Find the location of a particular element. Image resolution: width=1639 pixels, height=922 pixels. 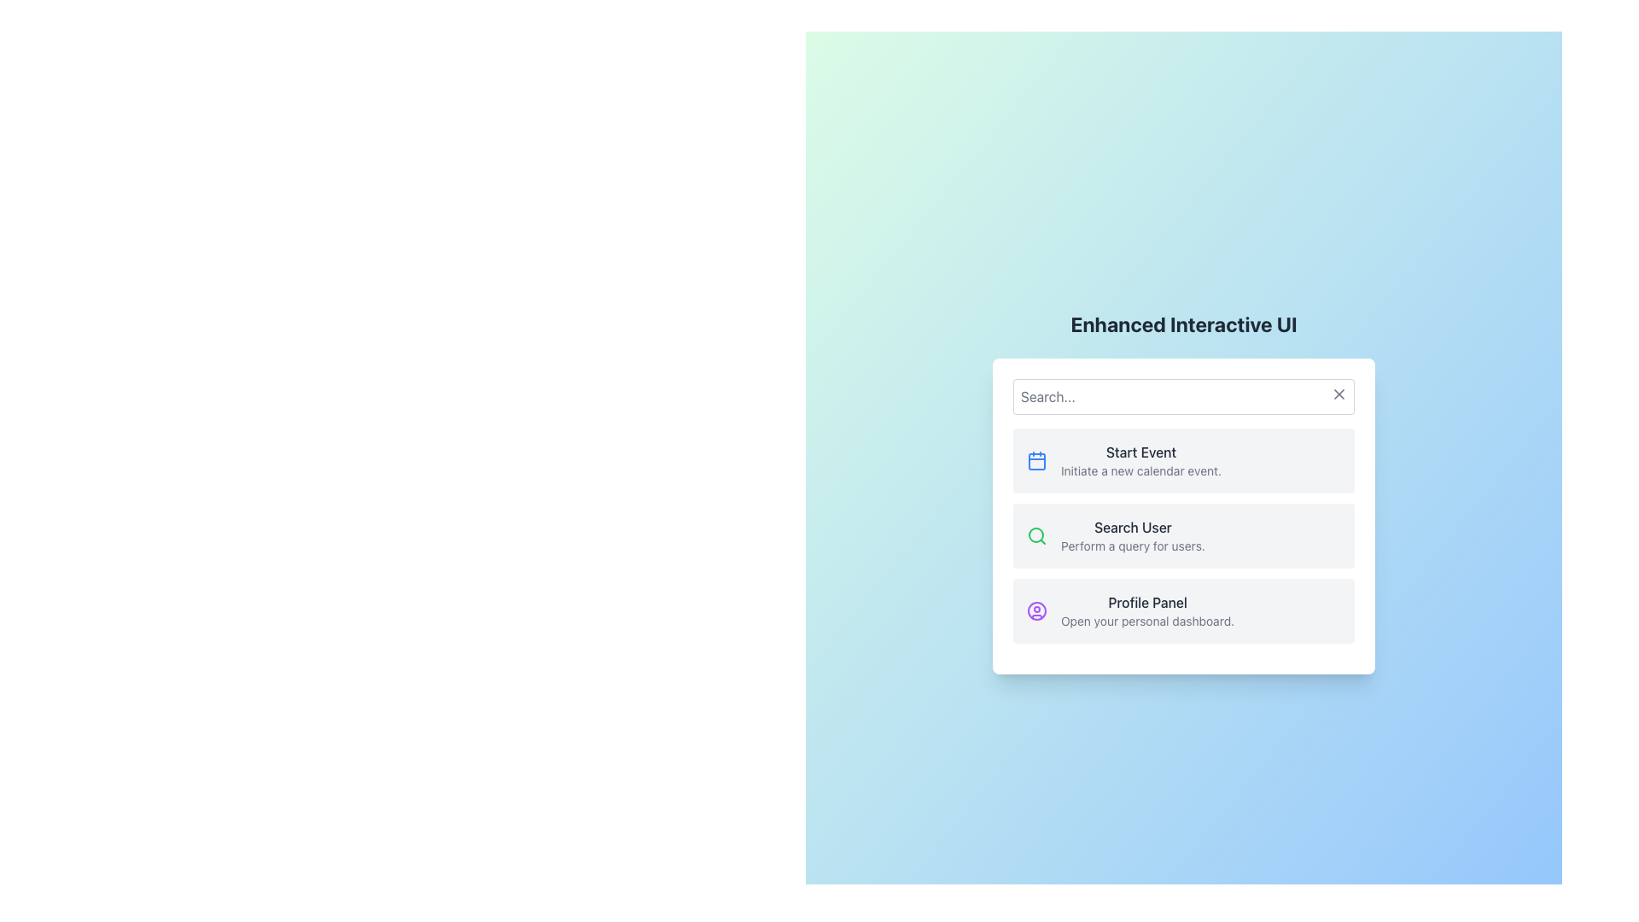

the text label that reads 'Perform a query for users.' which is styled in a subdued gray font and located directly below the 'Search User' title element is located at coordinates (1133, 546).